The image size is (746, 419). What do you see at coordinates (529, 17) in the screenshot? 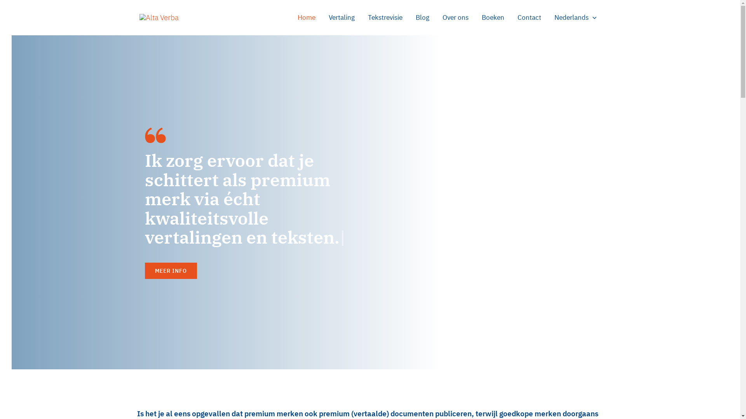
I see `'Contact'` at bounding box center [529, 17].